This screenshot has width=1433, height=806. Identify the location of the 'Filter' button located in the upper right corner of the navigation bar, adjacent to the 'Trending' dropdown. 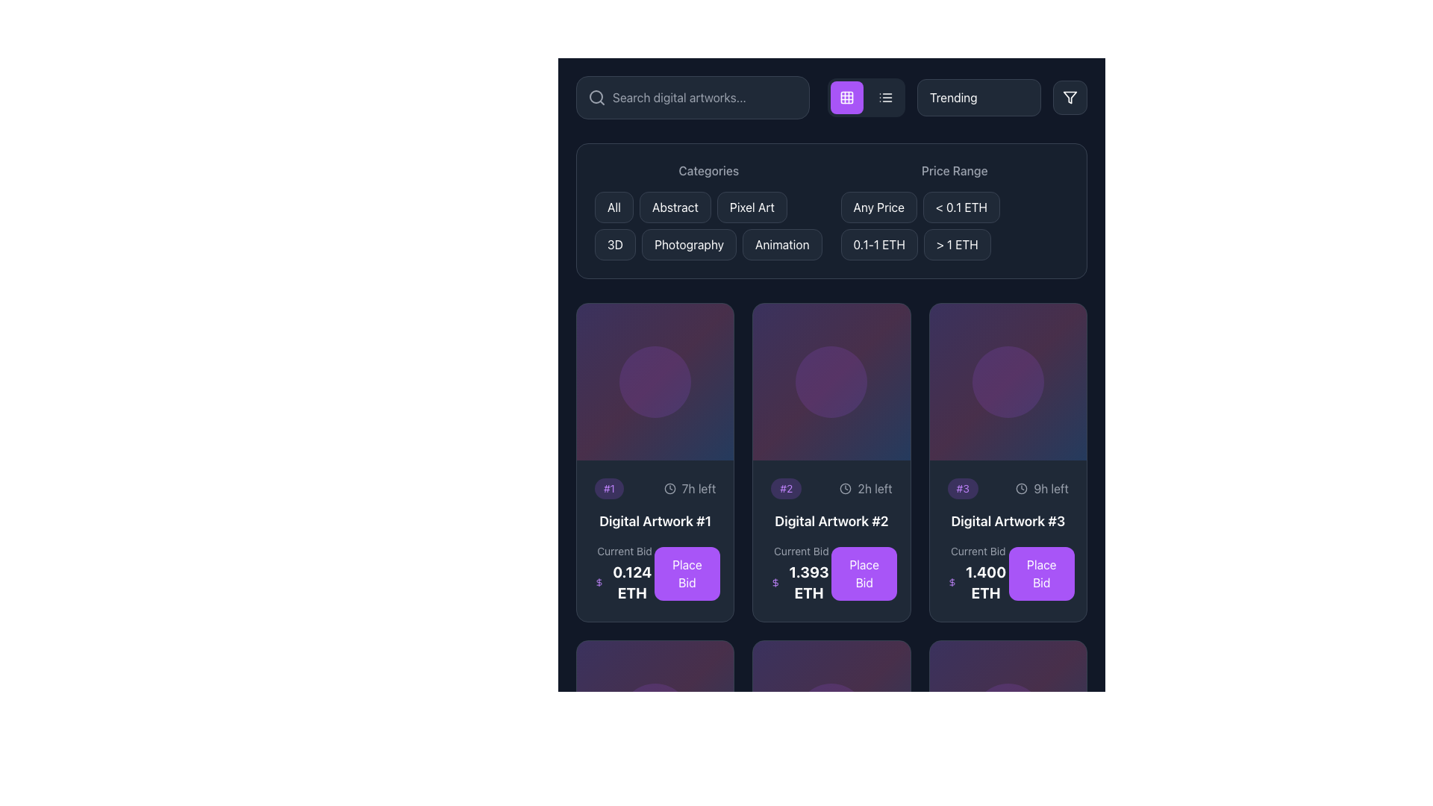
(1070, 98).